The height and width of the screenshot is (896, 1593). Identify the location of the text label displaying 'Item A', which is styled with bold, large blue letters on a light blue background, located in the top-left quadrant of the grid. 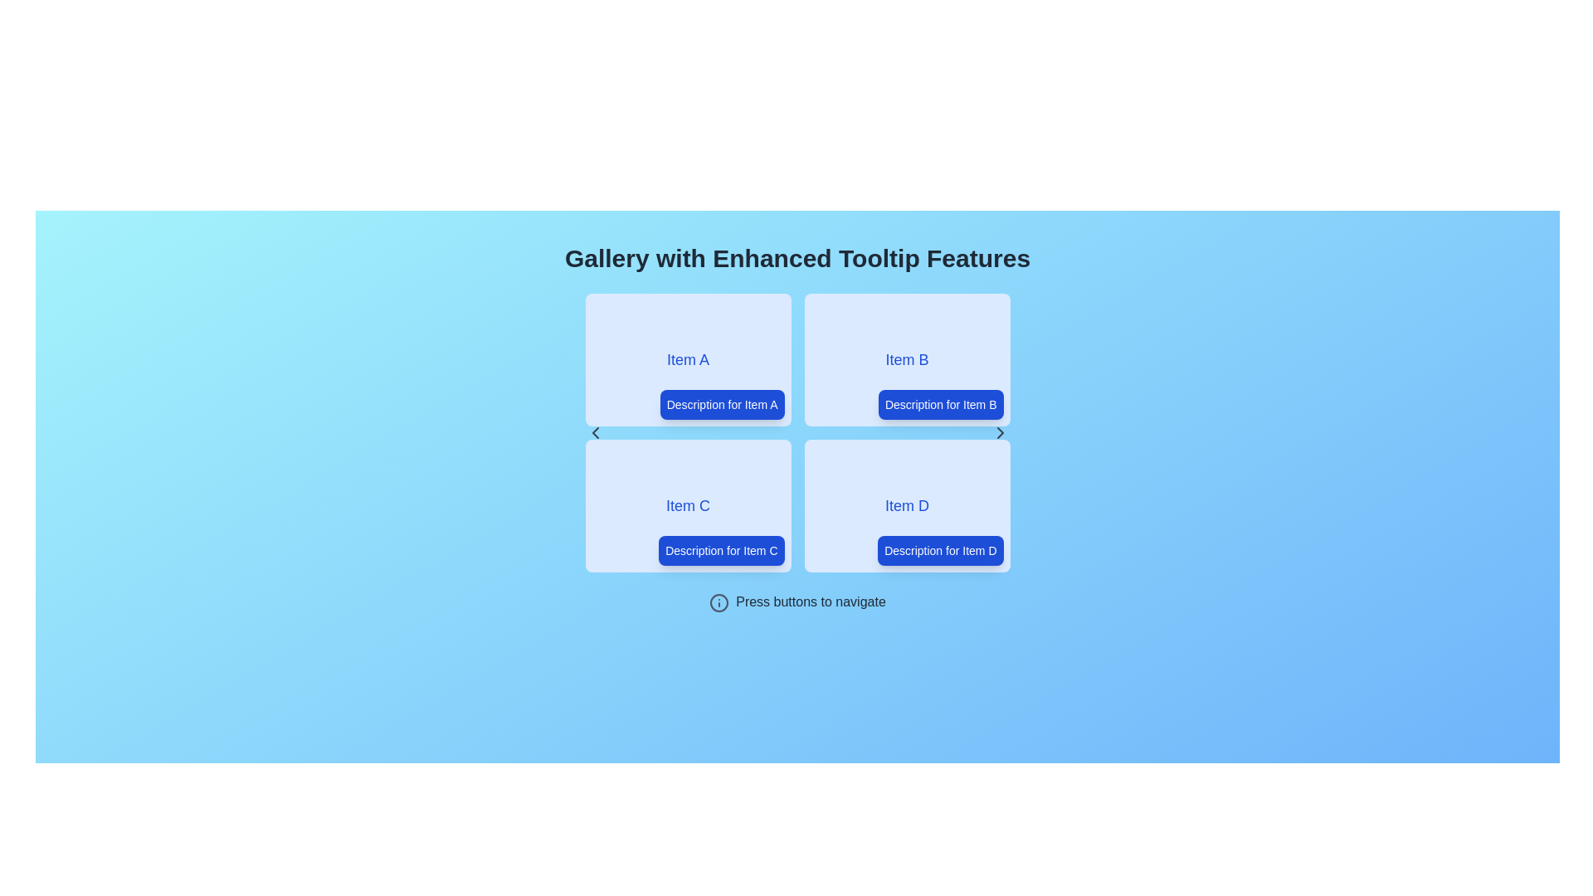
(688, 359).